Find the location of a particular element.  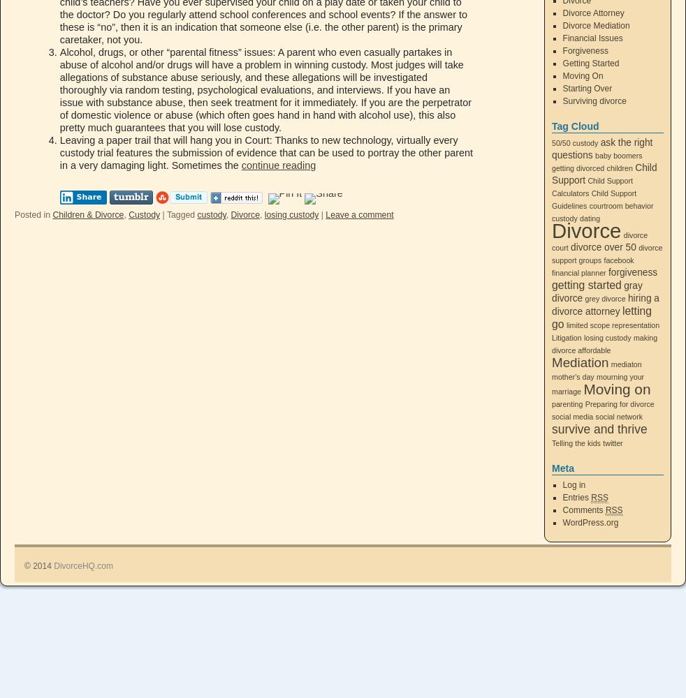

'Log in' is located at coordinates (574, 484).